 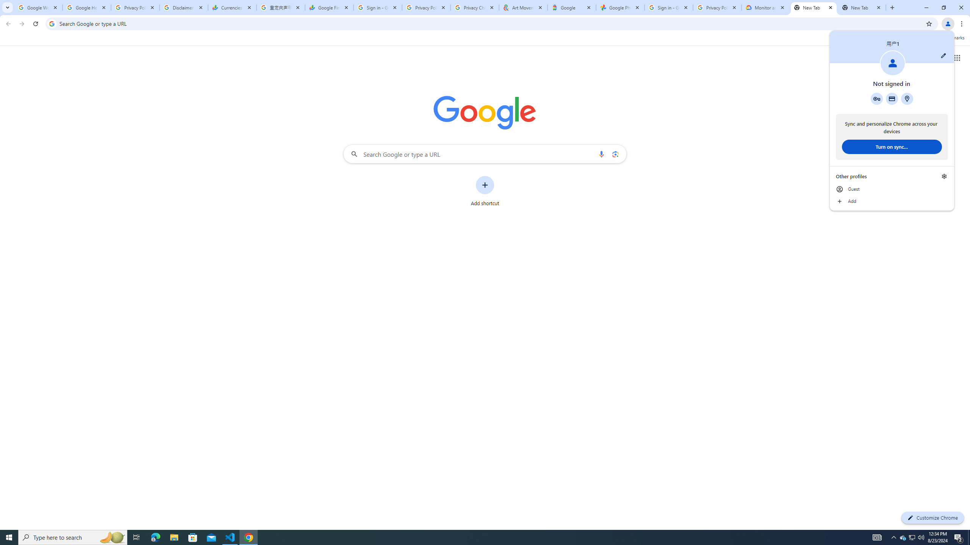 What do you see at coordinates (932, 517) in the screenshot?
I see `'Customize Chrome'` at bounding box center [932, 517].